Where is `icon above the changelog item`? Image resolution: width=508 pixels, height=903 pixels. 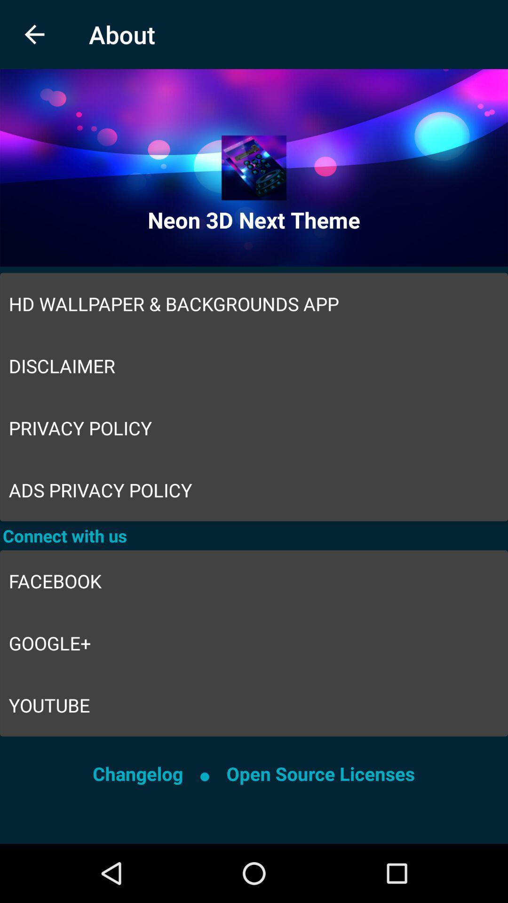
icon above the changelog item is located at coordinates (254, 705).